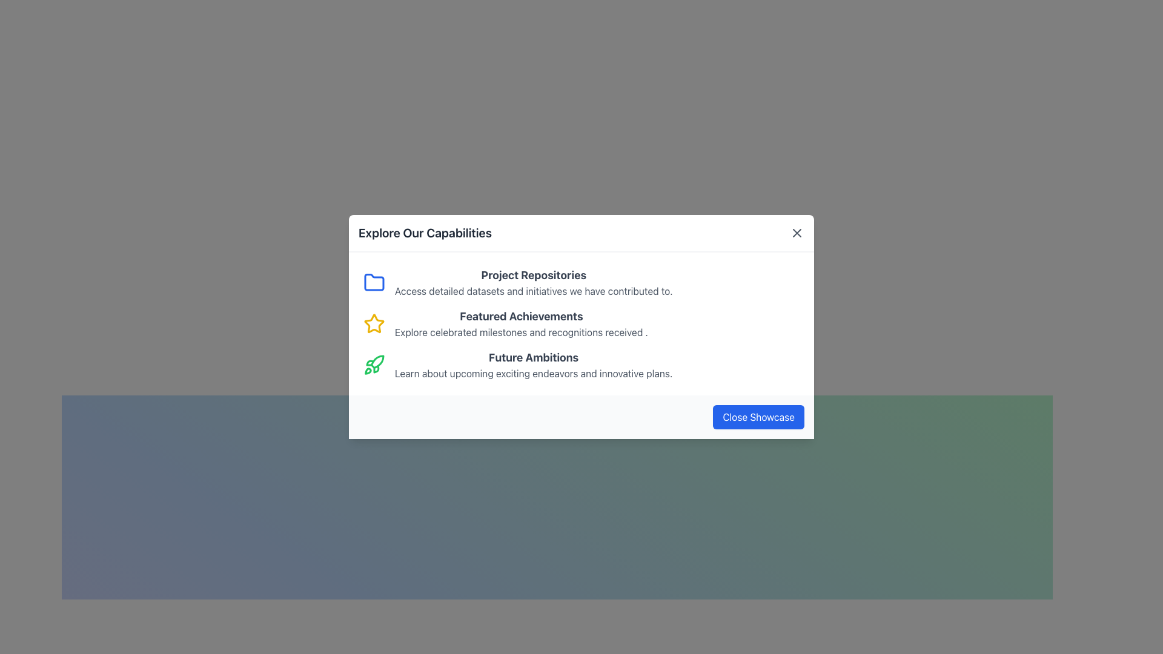 The image size is (1163, 654). Describe the element at coordinates (533, 282) in the screenshot. I see `the text label component titled 'Project Repositories' located below the folder icon in the 'Explore Our Capabilities' panel` at that location.